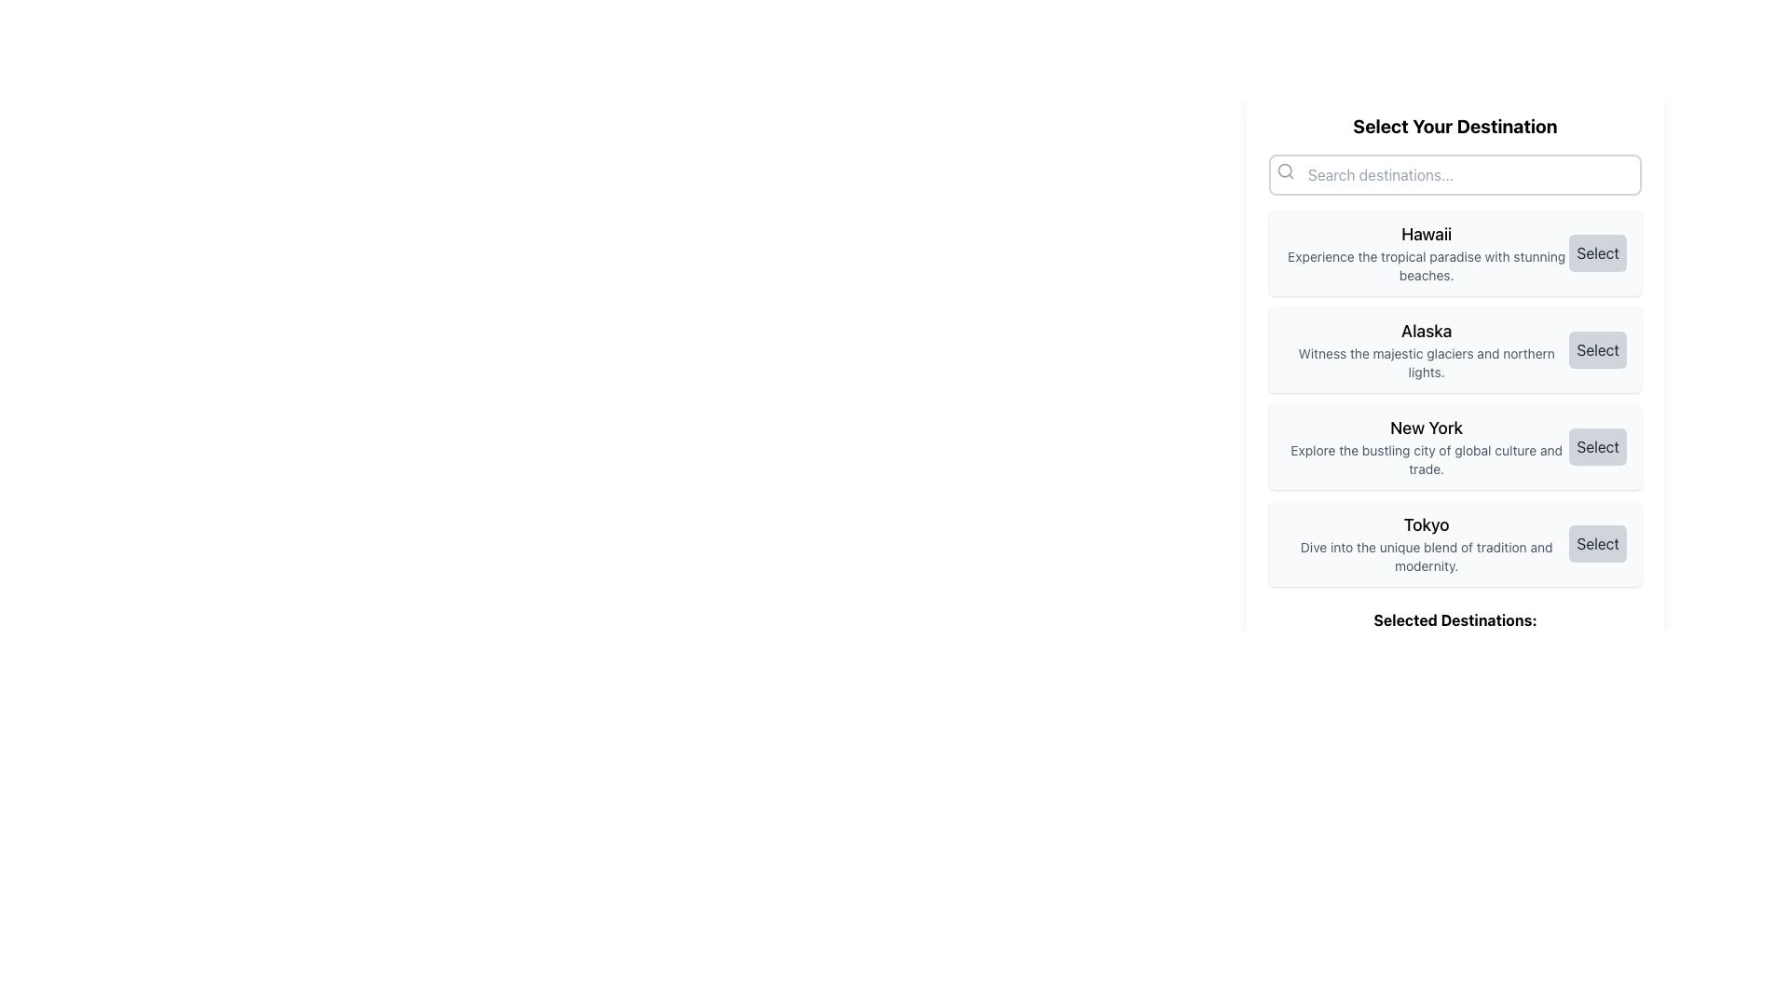 The image size is (1789, 1006). Describe the element at coordinates (1596, 543) in the screenshot. I see `the button next to the list item labeled 'Tokyo'` at that location.